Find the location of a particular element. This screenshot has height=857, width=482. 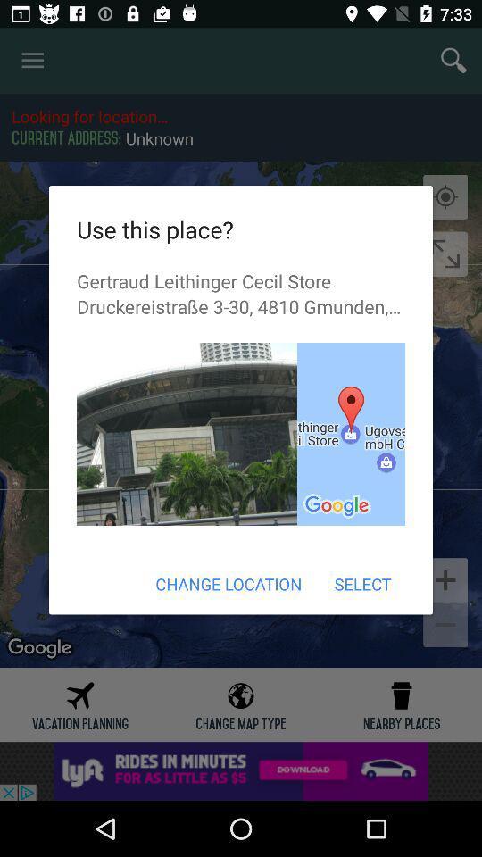

the item at the bottom right corner is located at coordinates (361, 583).